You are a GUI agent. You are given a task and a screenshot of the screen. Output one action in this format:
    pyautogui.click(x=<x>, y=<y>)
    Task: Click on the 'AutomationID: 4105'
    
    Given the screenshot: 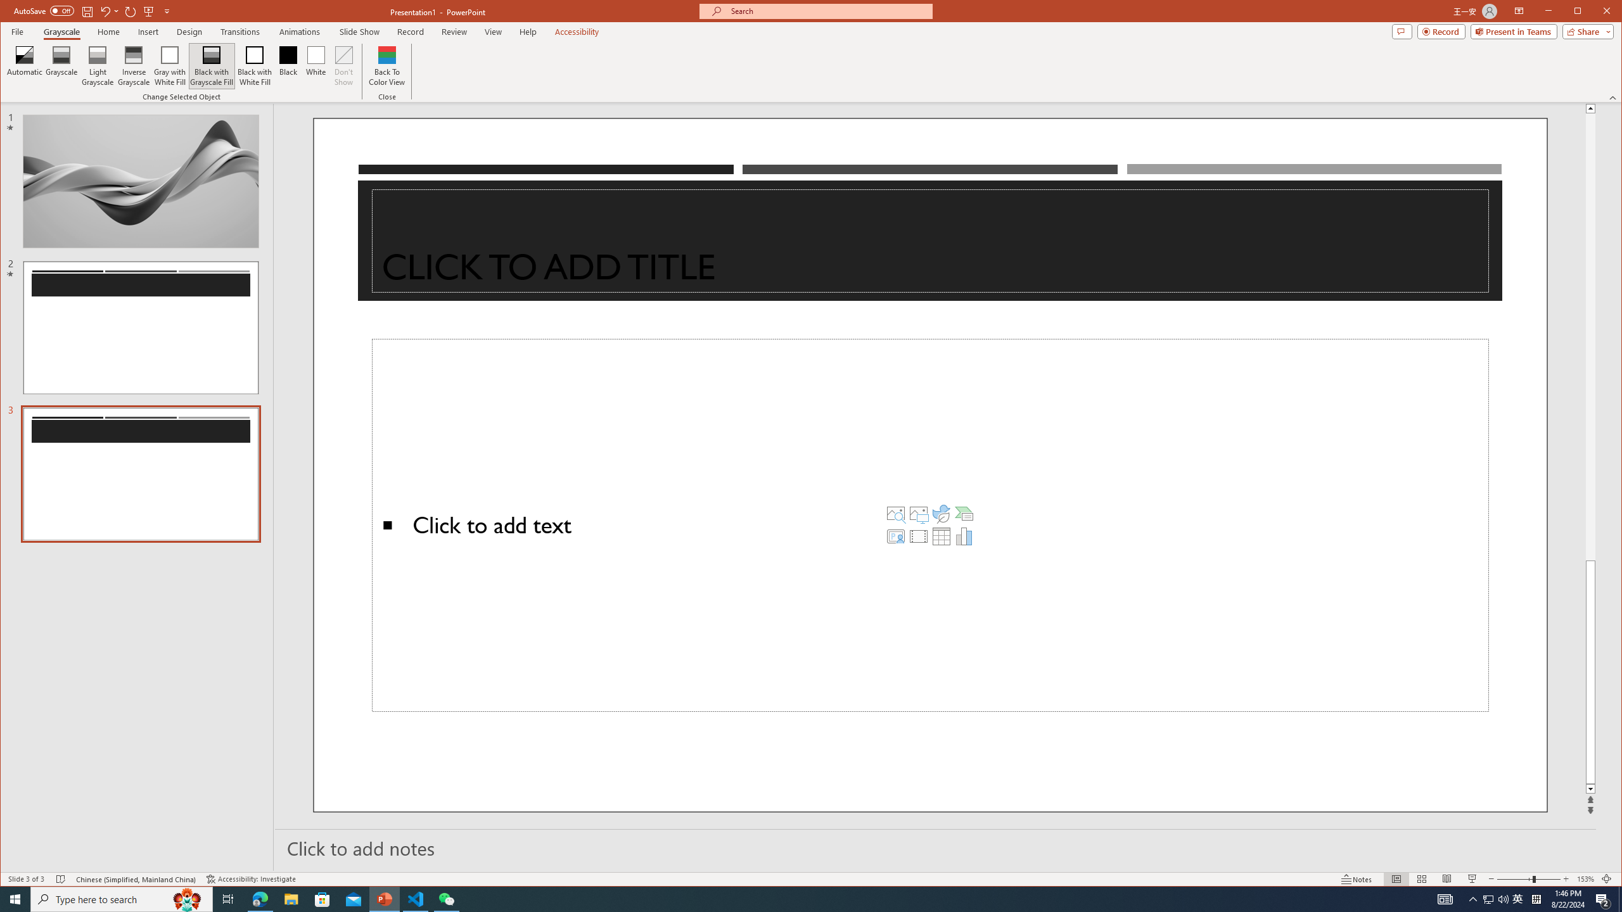 What is the action you would take?
    pyautogui.click(x=1444, y=898)
    